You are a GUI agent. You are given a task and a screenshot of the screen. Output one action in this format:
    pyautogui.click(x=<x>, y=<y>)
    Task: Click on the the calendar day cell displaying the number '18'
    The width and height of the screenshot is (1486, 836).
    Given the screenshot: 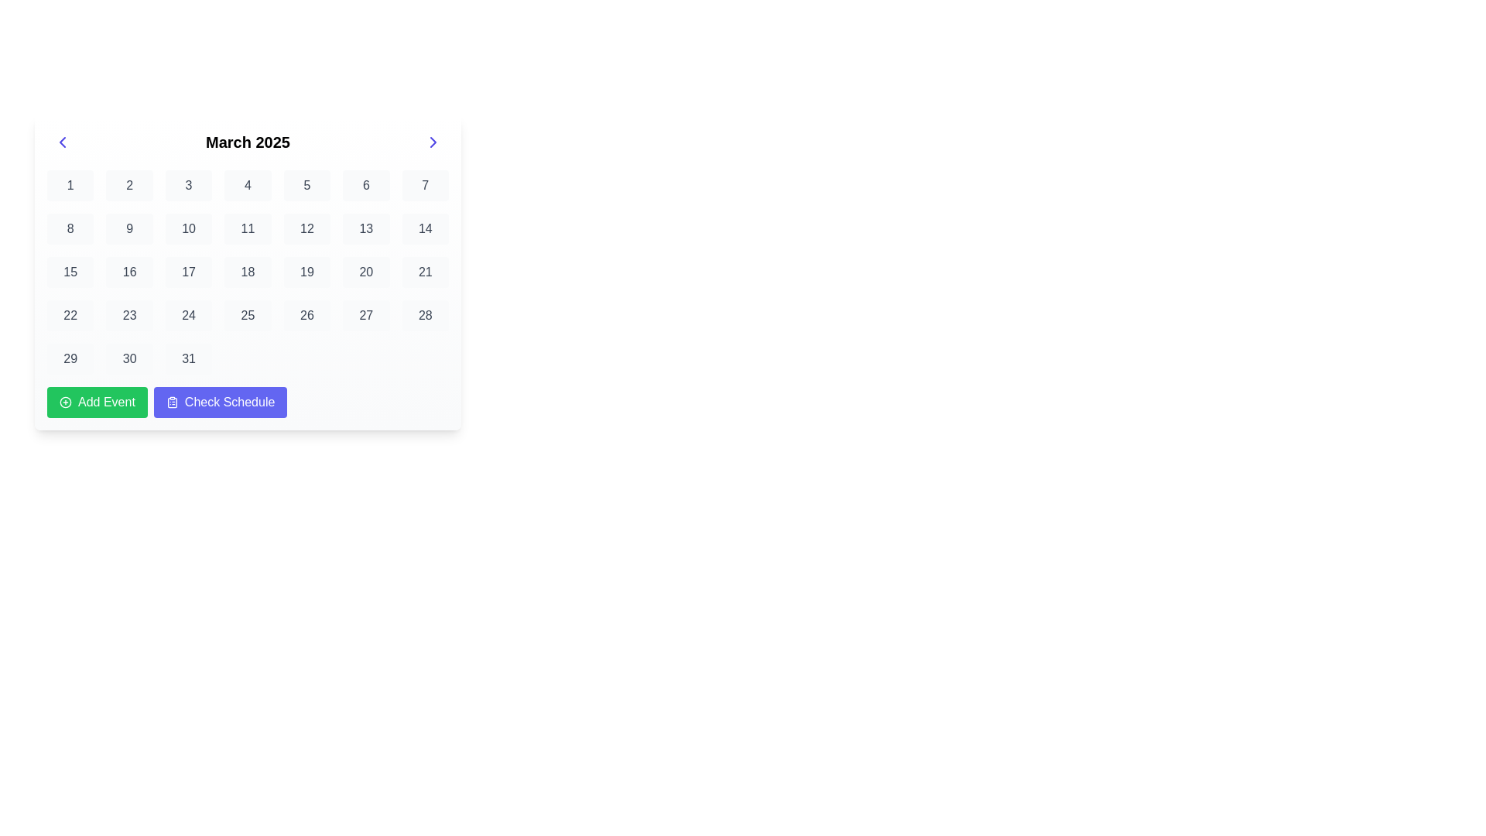 What is the action you would take?
    pyautogui.click(x=248, y=271)
    